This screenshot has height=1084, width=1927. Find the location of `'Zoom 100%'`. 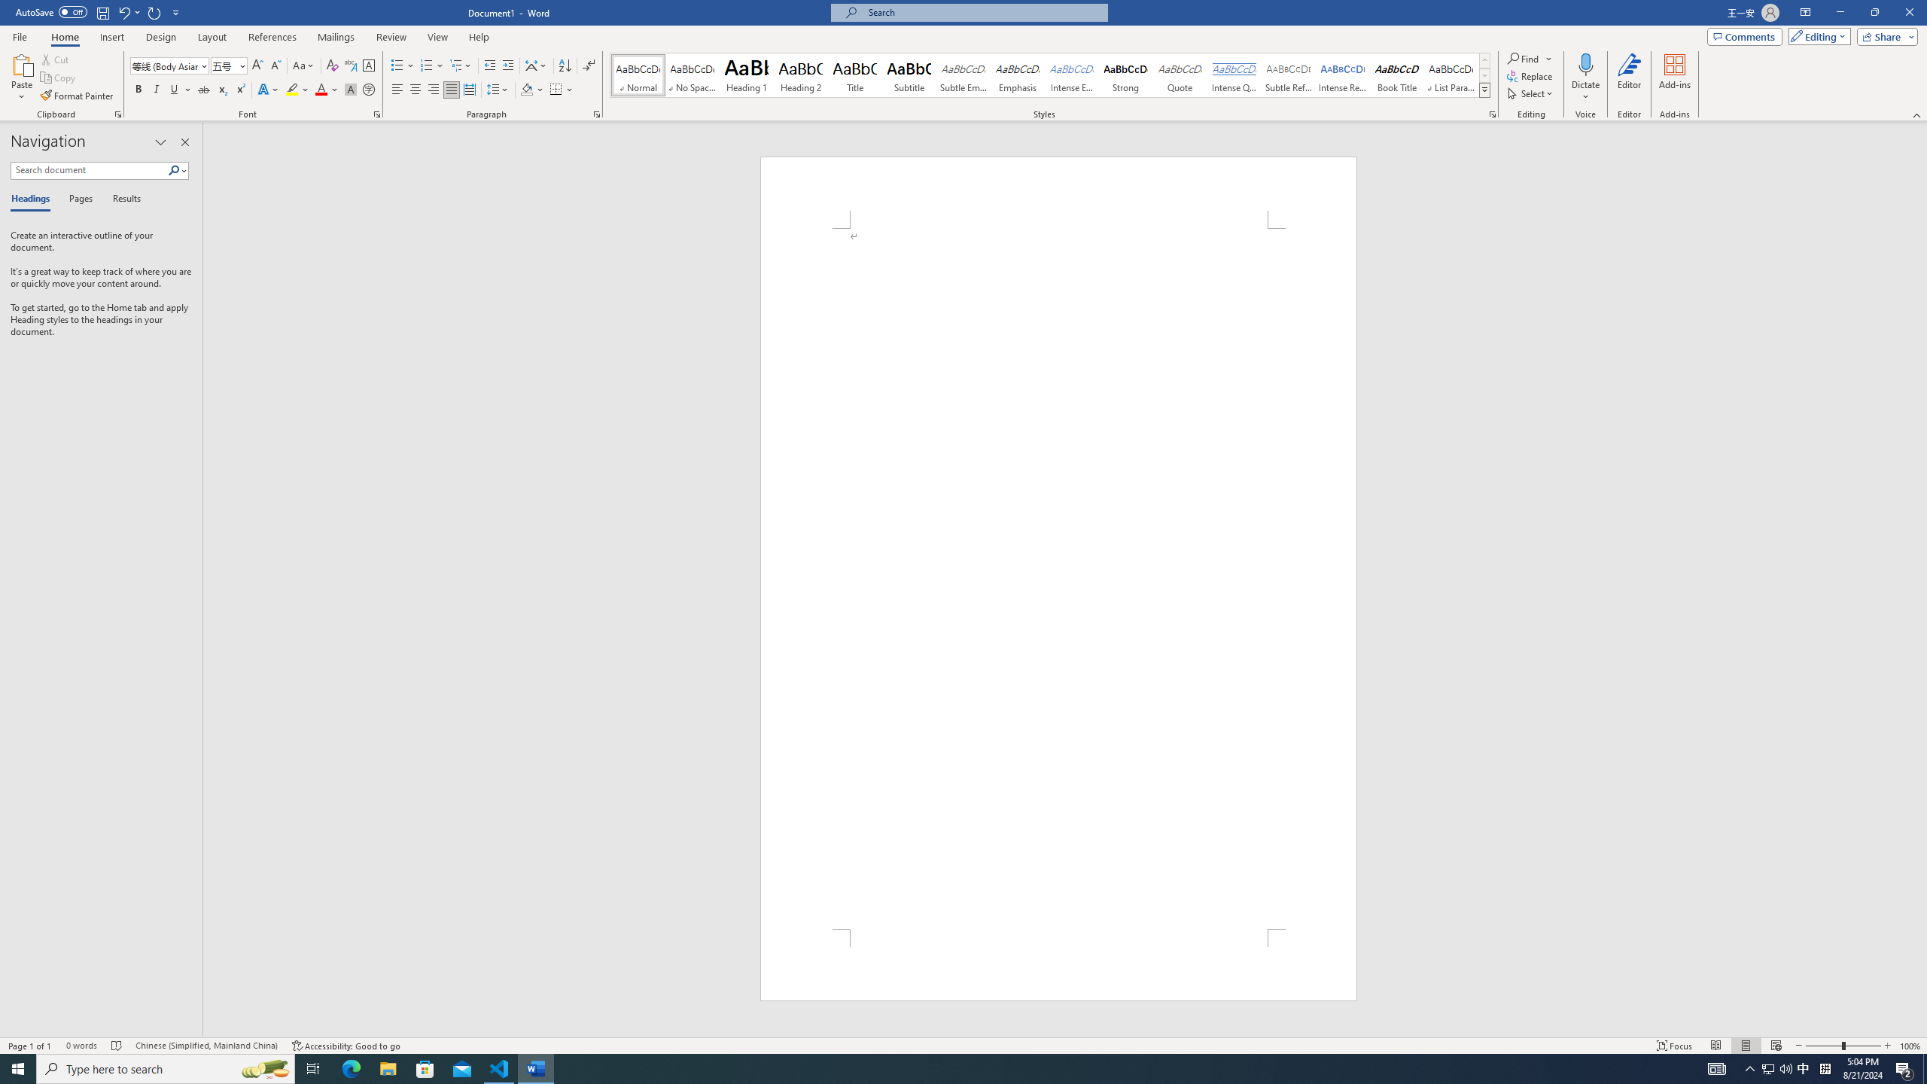

'Zoom 100%' is located at coordinates (1910, 1046).